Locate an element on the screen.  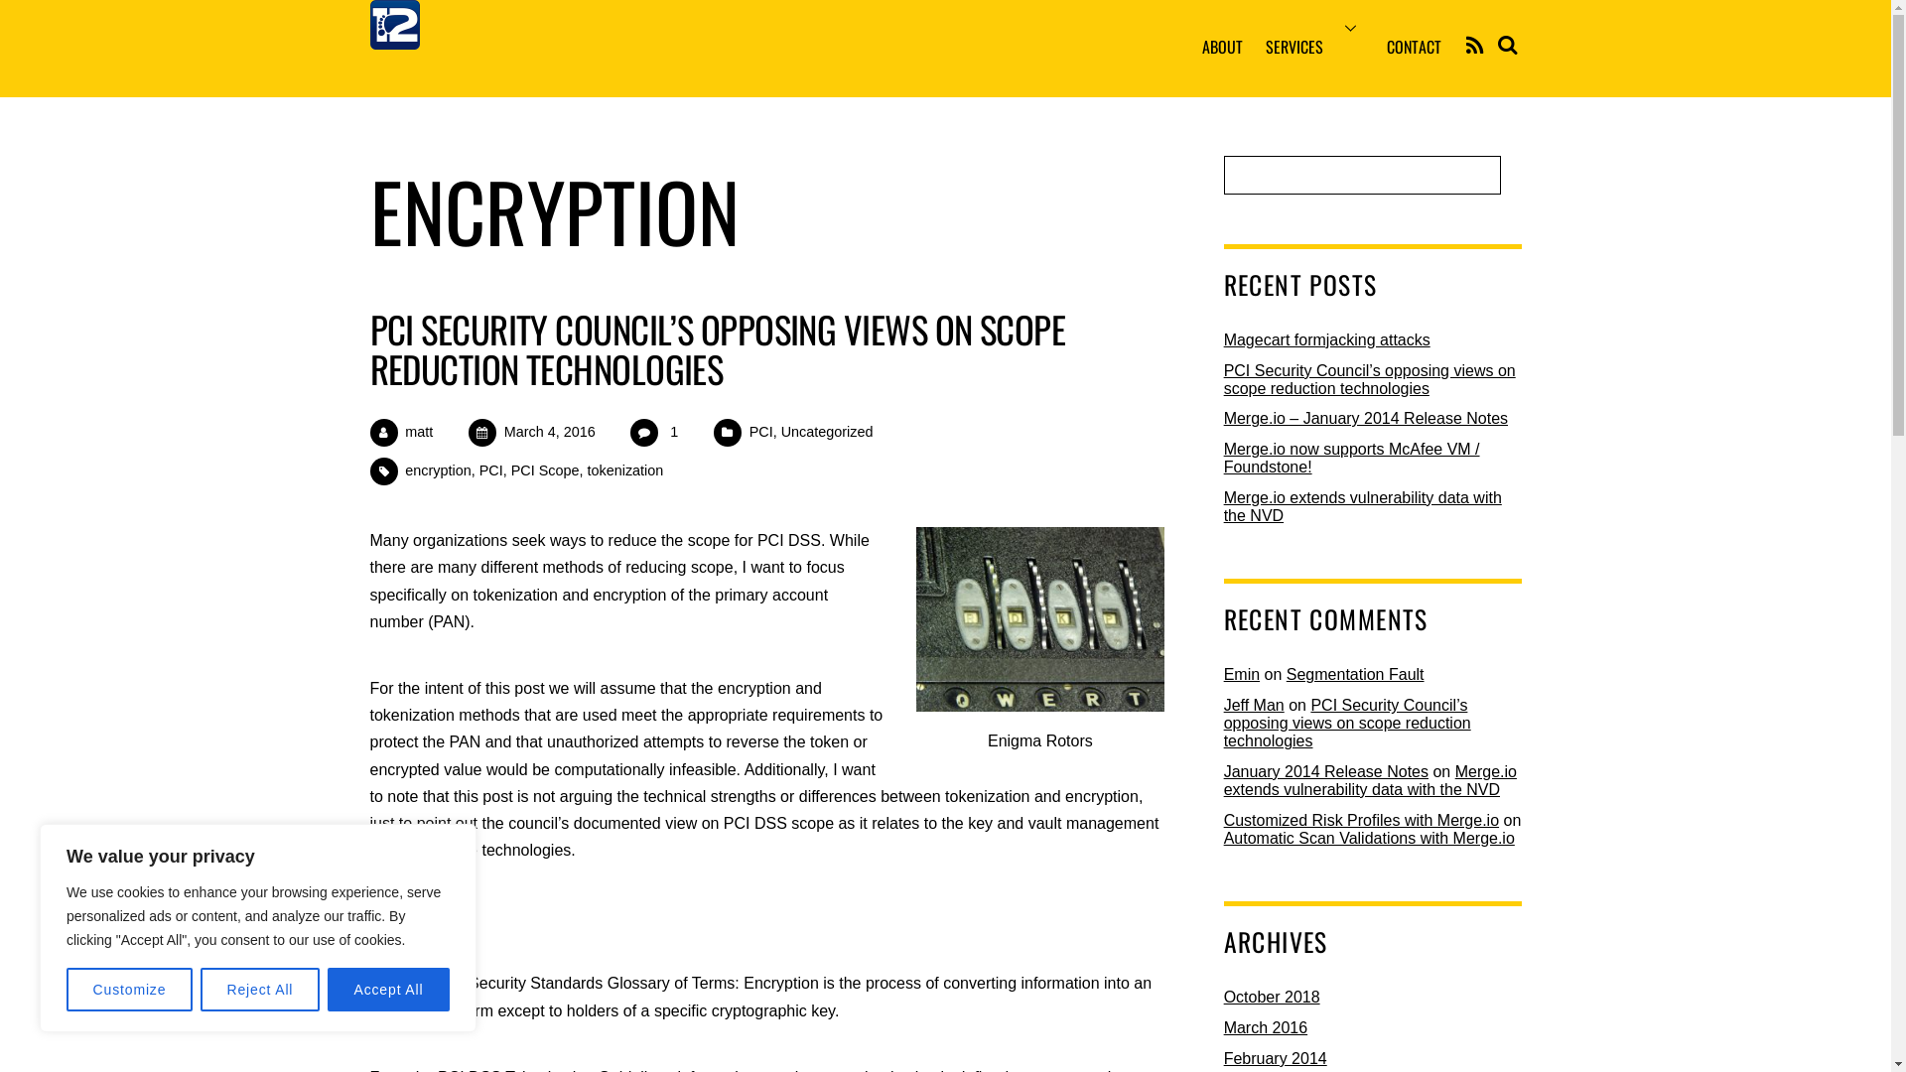
'12F_Square_Only_Trans_200' is located at coordinates (394, 24).